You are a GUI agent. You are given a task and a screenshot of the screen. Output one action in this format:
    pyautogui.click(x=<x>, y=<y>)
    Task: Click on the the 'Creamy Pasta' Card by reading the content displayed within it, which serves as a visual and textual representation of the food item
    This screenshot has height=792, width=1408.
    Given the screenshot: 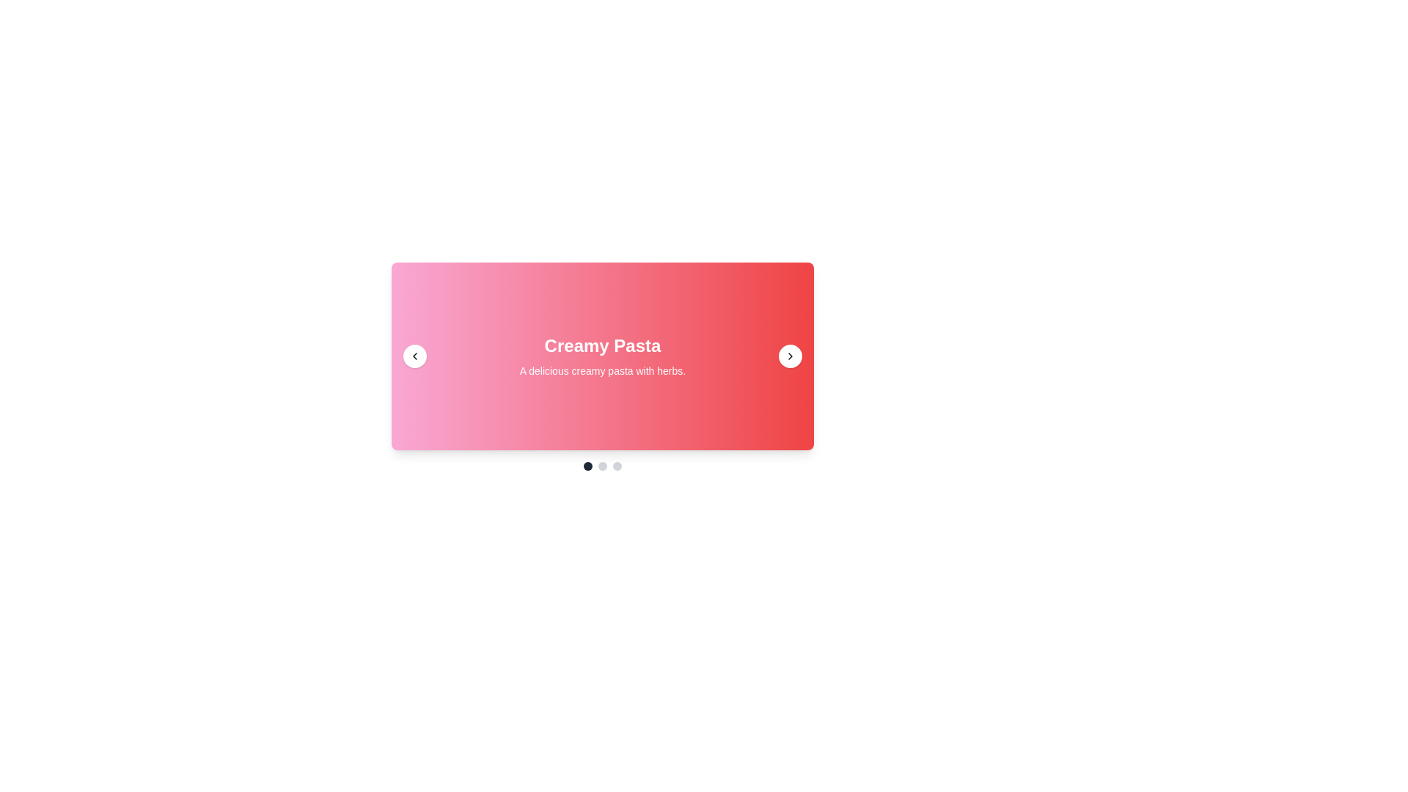 What is the action you would take?
    pyautogui.click(x=602, y=356)
    